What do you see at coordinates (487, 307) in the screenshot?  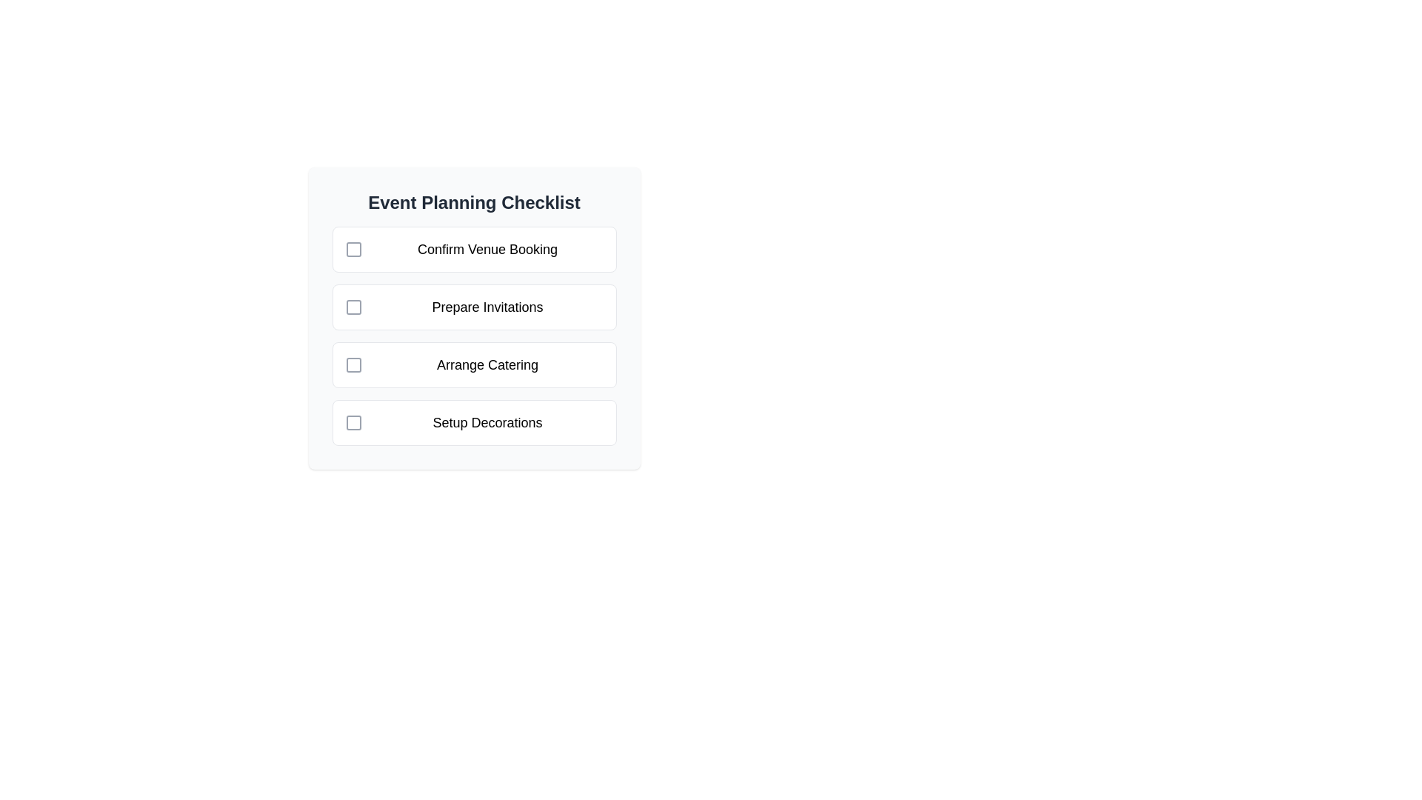 I see `the text label displaying 'Prepare Invitations', which is the second item in the checklist, positioned between 'Confirm Venue Booking' and 'Arrange Catering'` at bounding box center [487, 307].